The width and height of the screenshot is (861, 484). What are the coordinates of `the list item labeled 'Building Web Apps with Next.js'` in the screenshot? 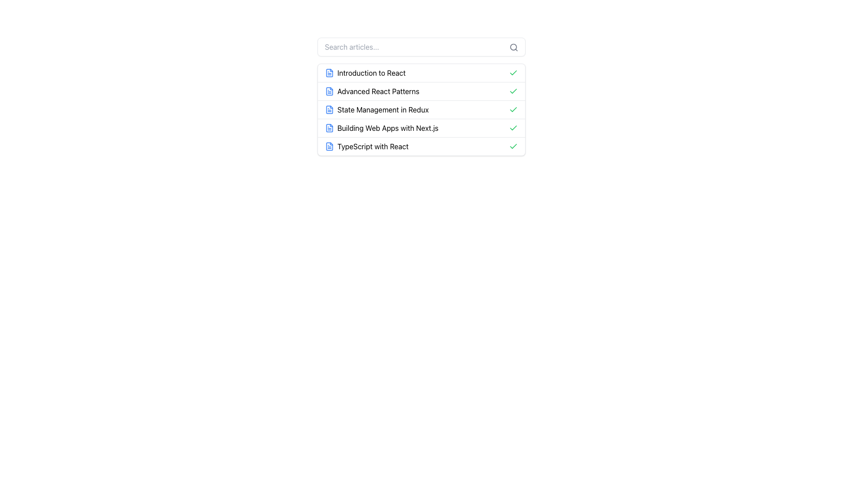 It's located at (421, 128).